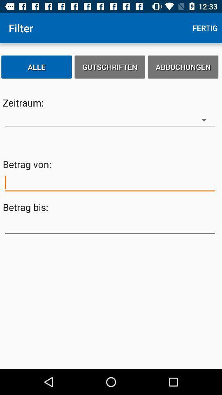 The image size is (222, 395). What do you see at coordinates (205, 28) in the screenshot?
I see `fertig item` at bounding box center [205, 28].